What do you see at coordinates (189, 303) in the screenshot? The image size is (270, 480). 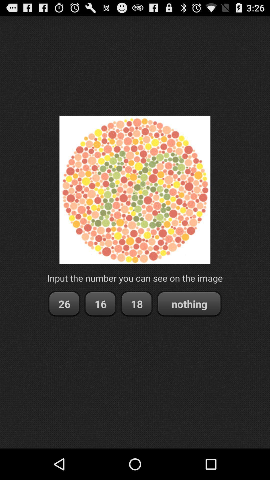 I see `app below the input the number app` at bounding box center [189, 303].